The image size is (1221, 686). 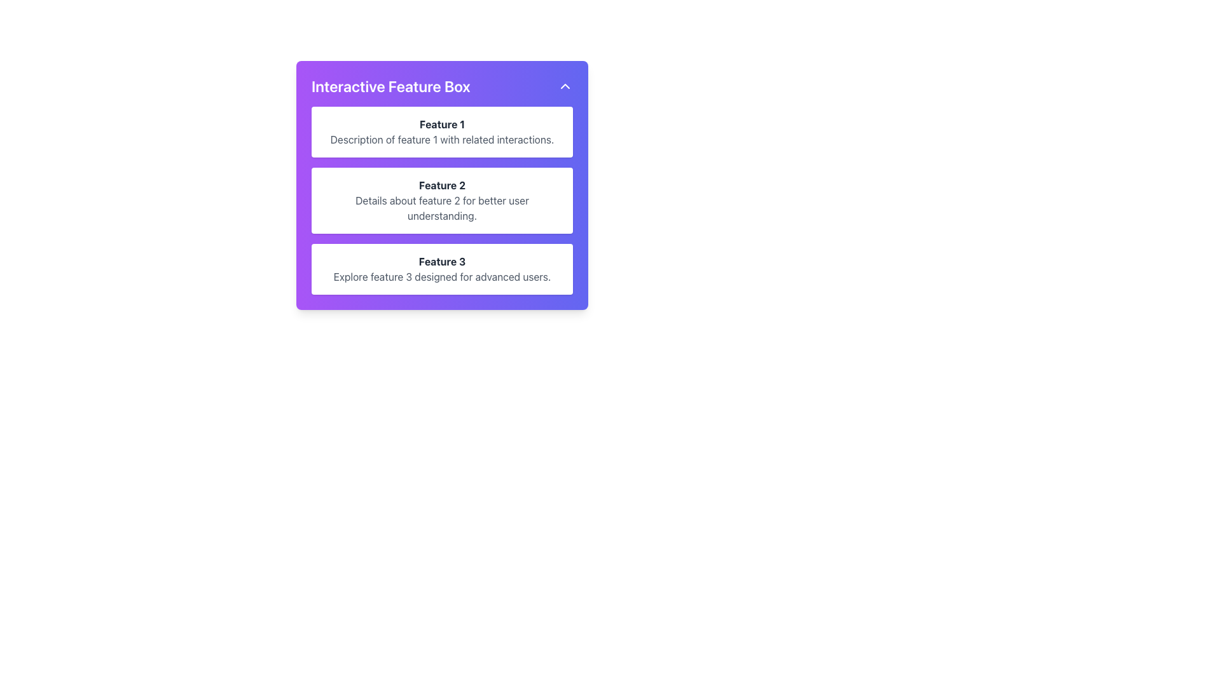 What do you see at coordinates (564, 86) in the screenshot?
I see `the arrow button located at the top right corner of the 'Interactive Feature Box'` at bounding box center [564, 86].